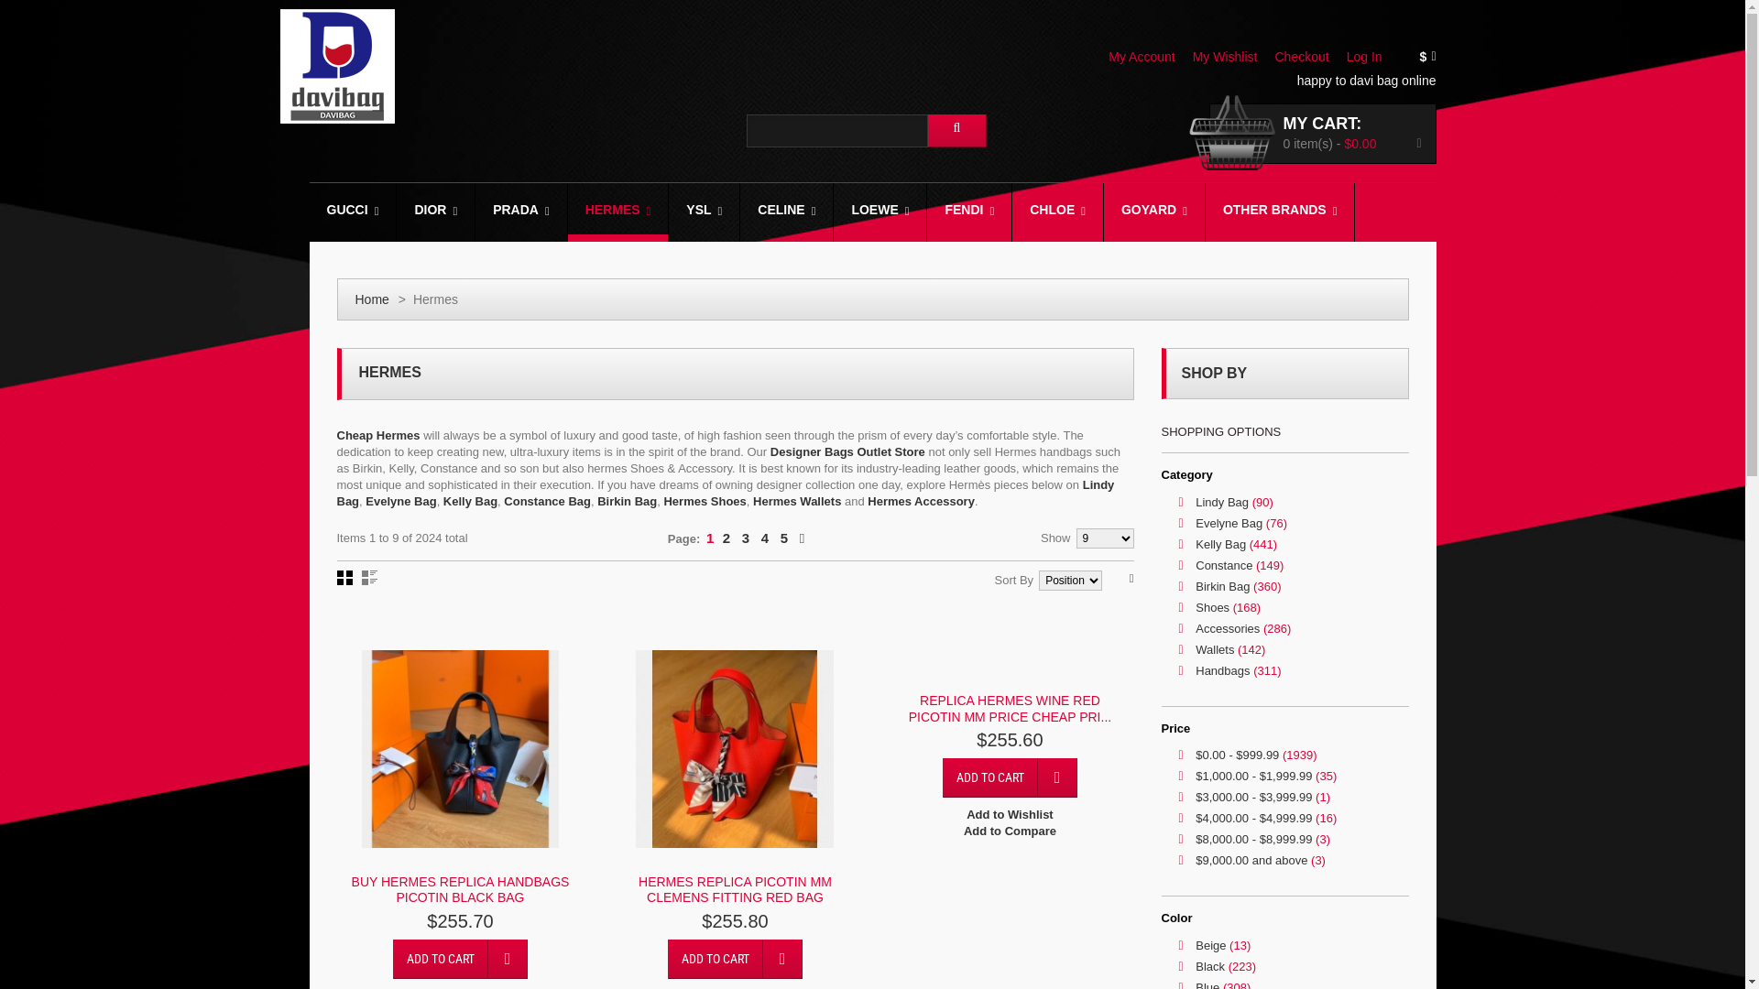 This screenshot has width=1759, height=989. What do you see at coordinates (1131, 578) in the screenshot?
I see `'Set Descending Direction'` at bounding box center [1131, 578].